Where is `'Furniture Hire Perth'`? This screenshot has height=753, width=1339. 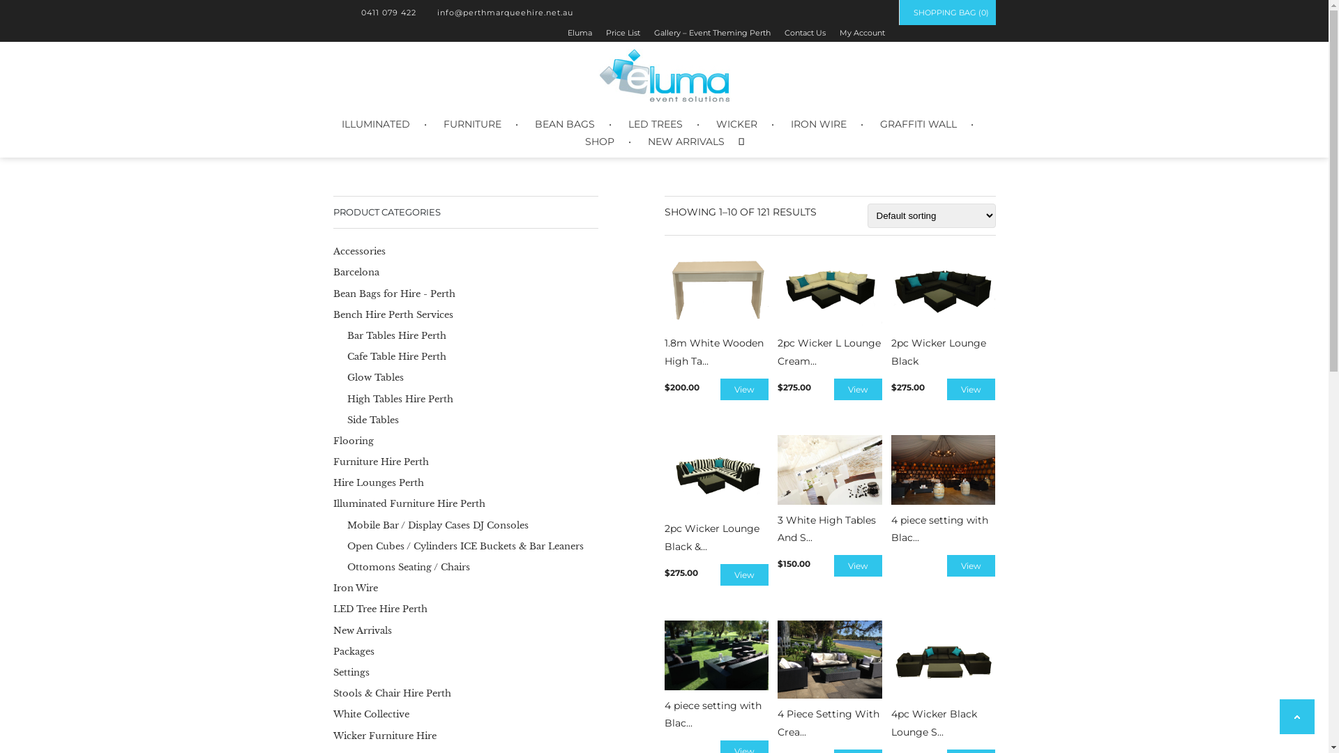
'Furniture Hire Perth' is located at coordinates (381, 462).